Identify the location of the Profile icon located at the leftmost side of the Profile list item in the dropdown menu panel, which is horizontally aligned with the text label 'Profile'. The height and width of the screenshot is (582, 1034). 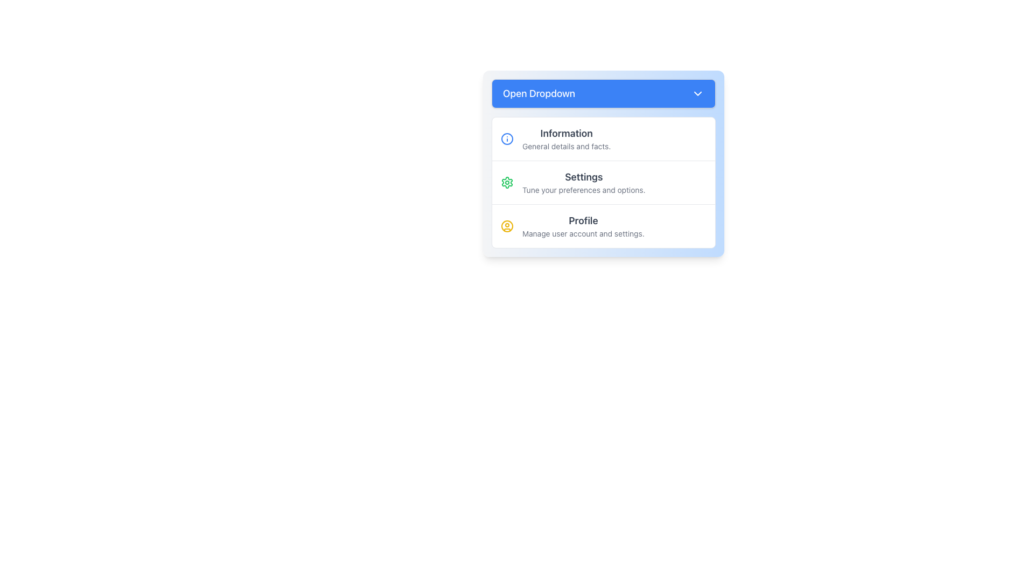
(506, 226).